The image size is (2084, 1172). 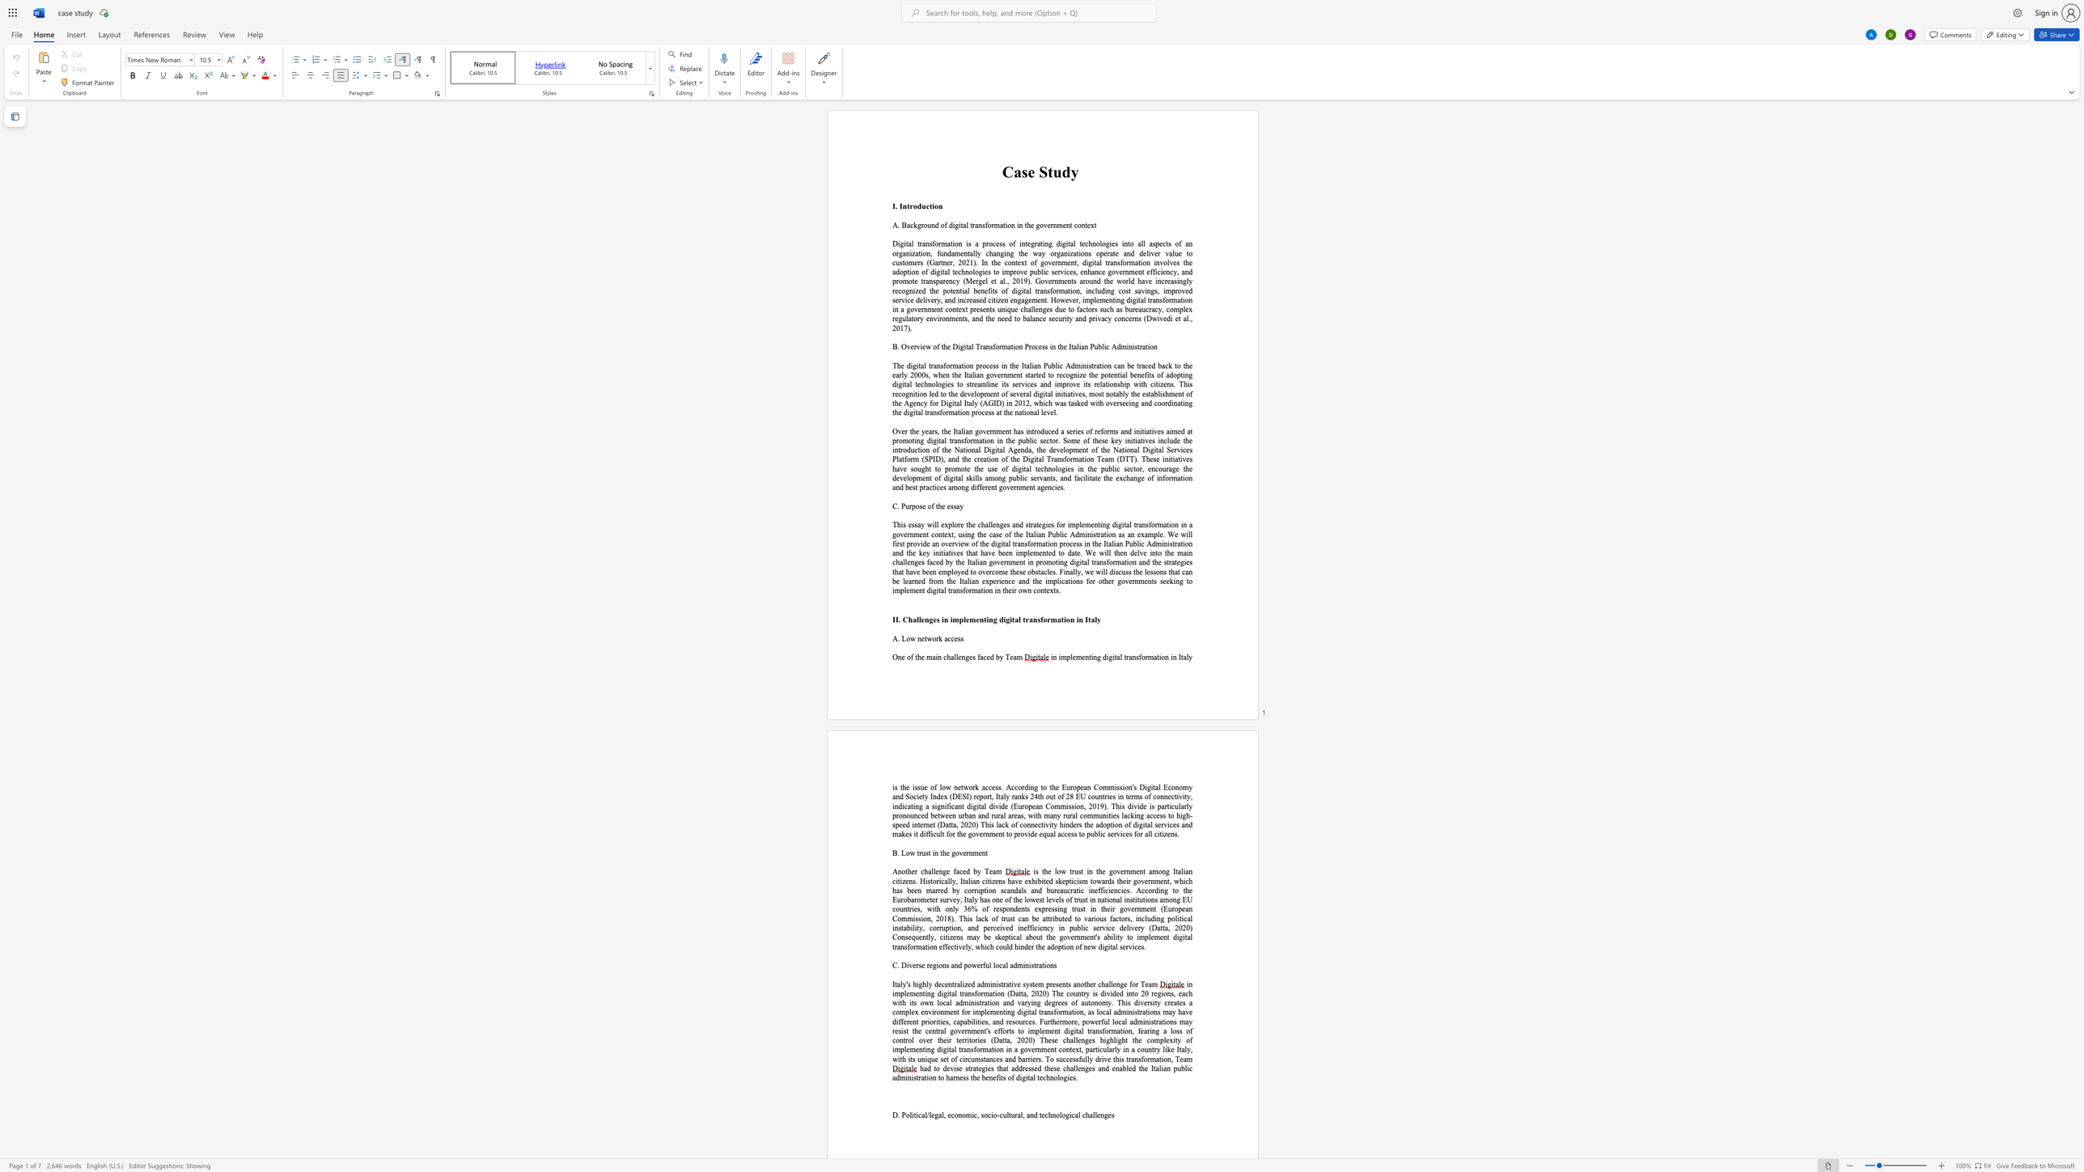 I want to click on the 3th character "n" in the text, so click(x=983, y=853).